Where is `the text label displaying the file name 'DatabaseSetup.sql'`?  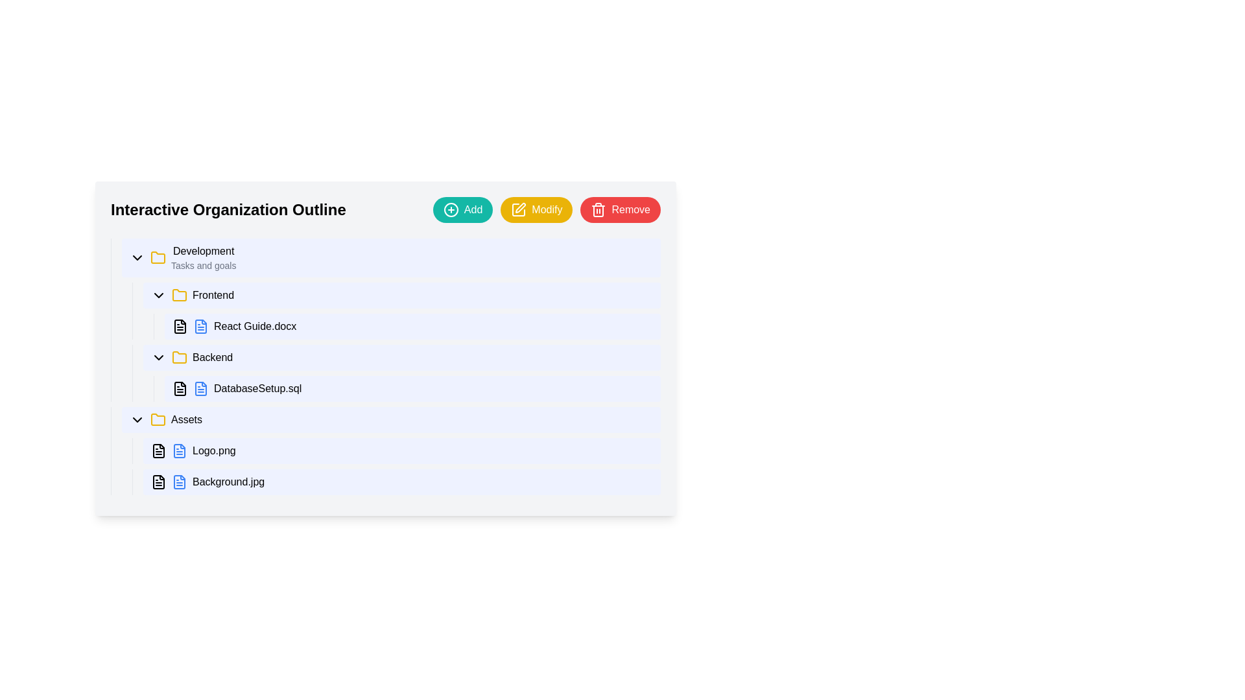
the text label displaying the file name 'DatabaseSetup.sql' is located at coordinates (257, 388).